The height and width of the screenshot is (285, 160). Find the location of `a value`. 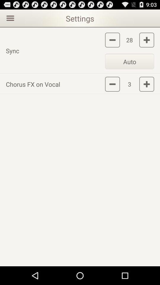

a value is located at coordinates (146, 84).